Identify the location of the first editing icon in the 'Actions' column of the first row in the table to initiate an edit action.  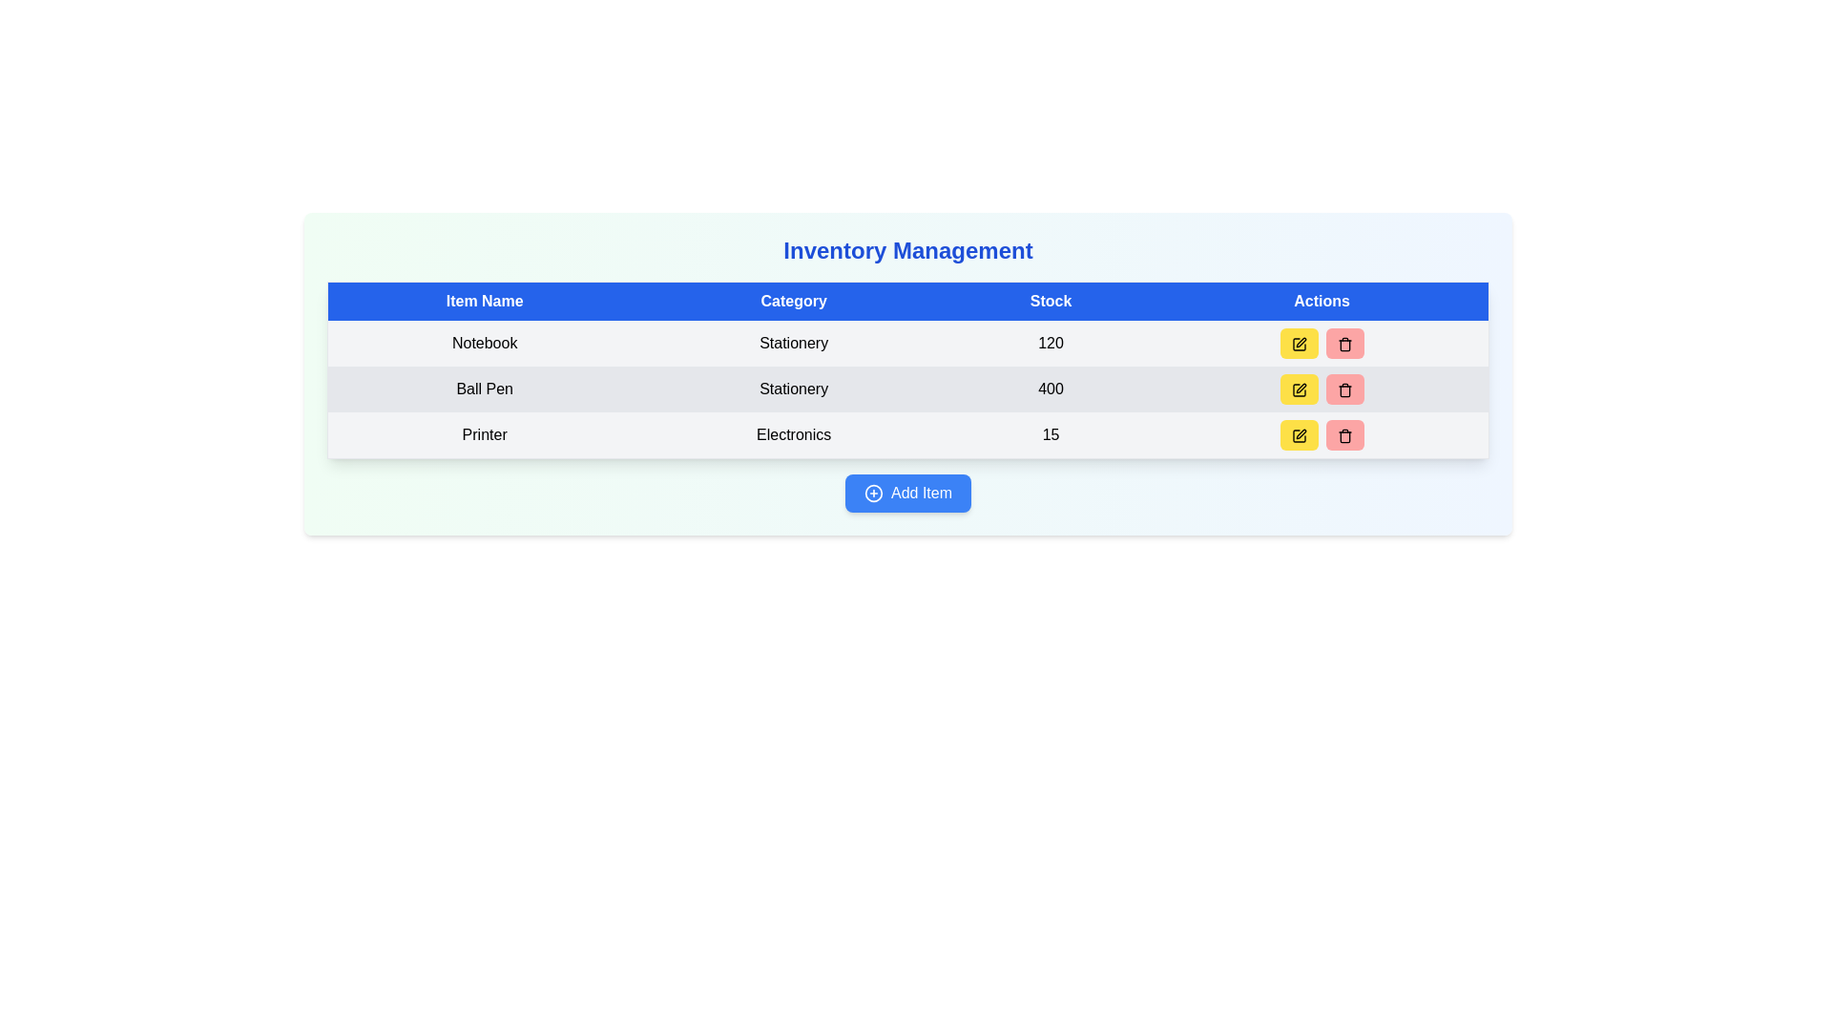
(1298, 344).